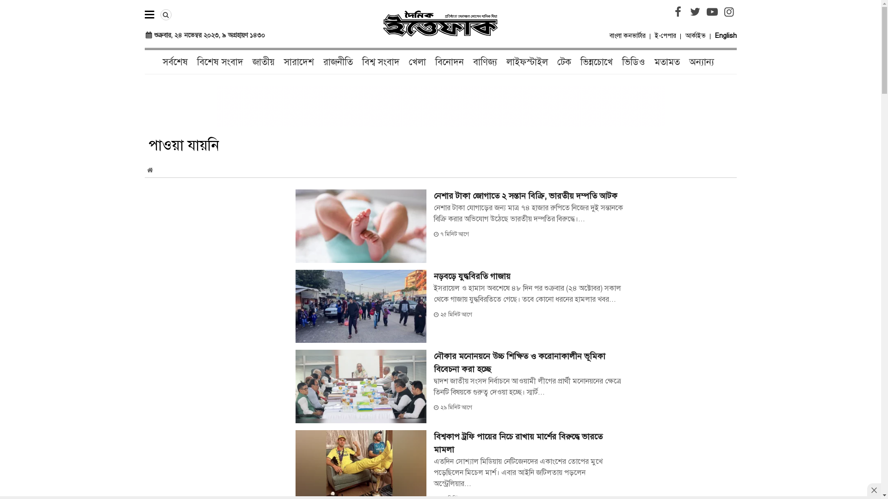  I want to click on 'YouTube', so click(712, 12).